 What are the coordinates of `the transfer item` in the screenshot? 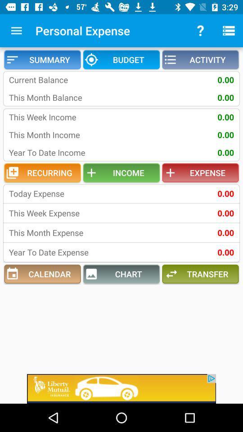 It's located at (200, 274).